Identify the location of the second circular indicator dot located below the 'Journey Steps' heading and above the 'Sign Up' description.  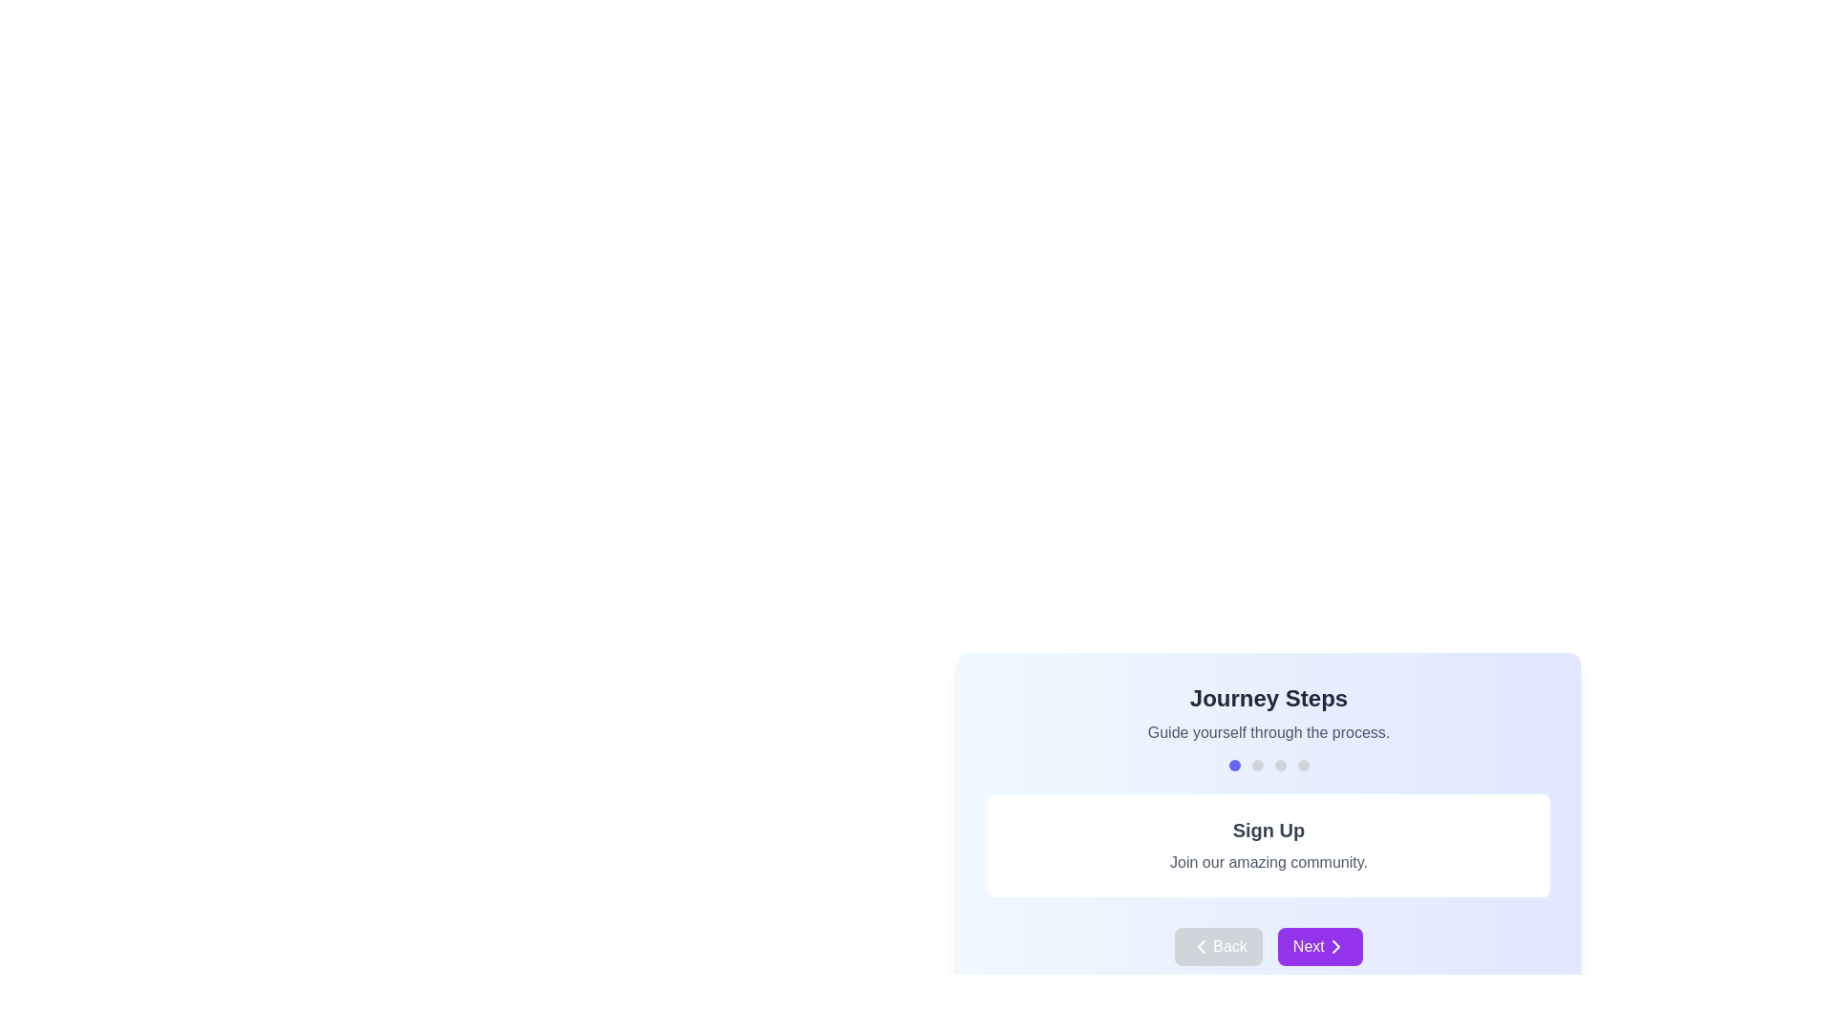
(1257, 765).